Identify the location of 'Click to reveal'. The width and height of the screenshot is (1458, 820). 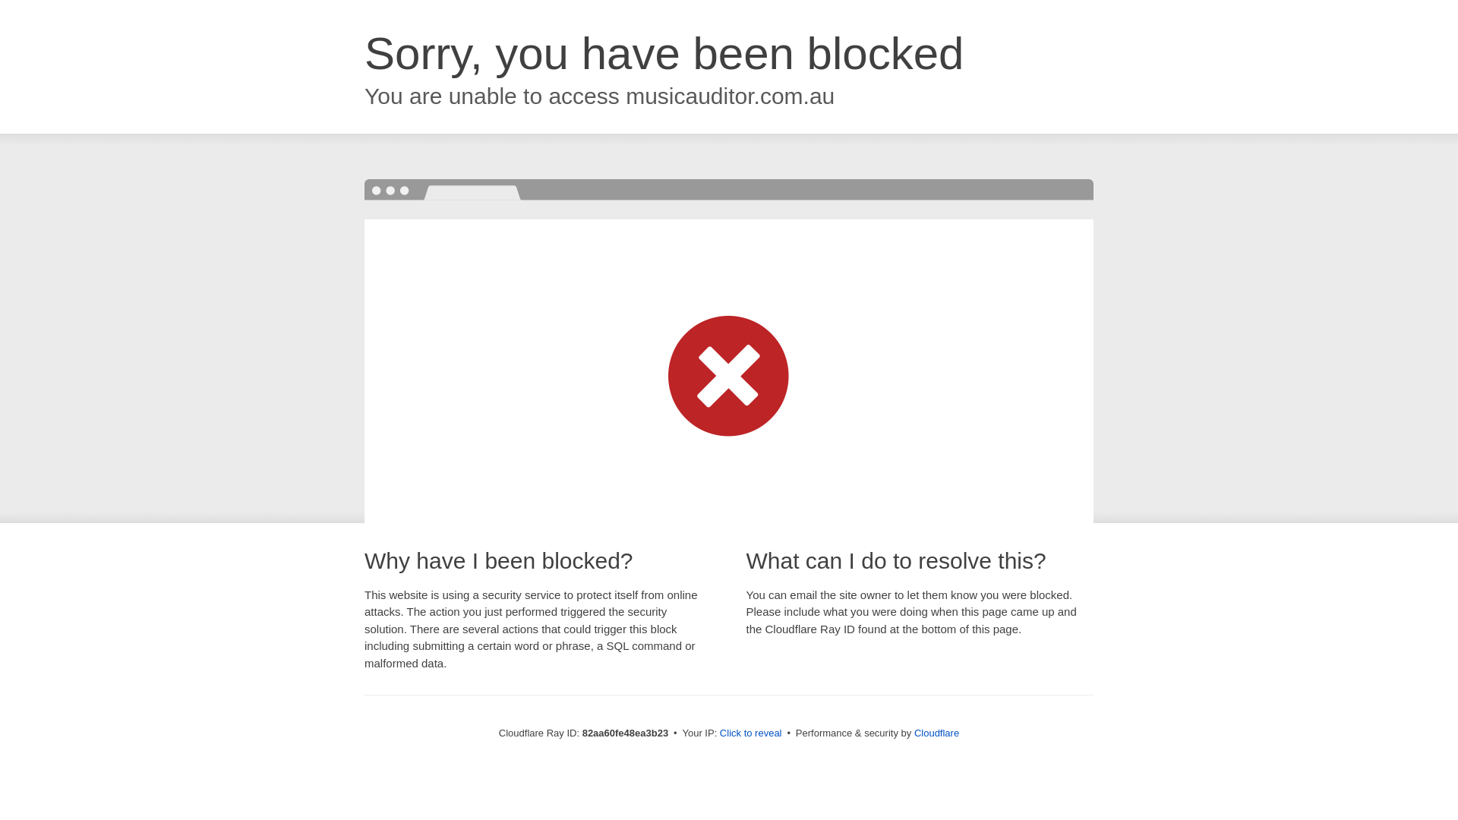
(719, 732).